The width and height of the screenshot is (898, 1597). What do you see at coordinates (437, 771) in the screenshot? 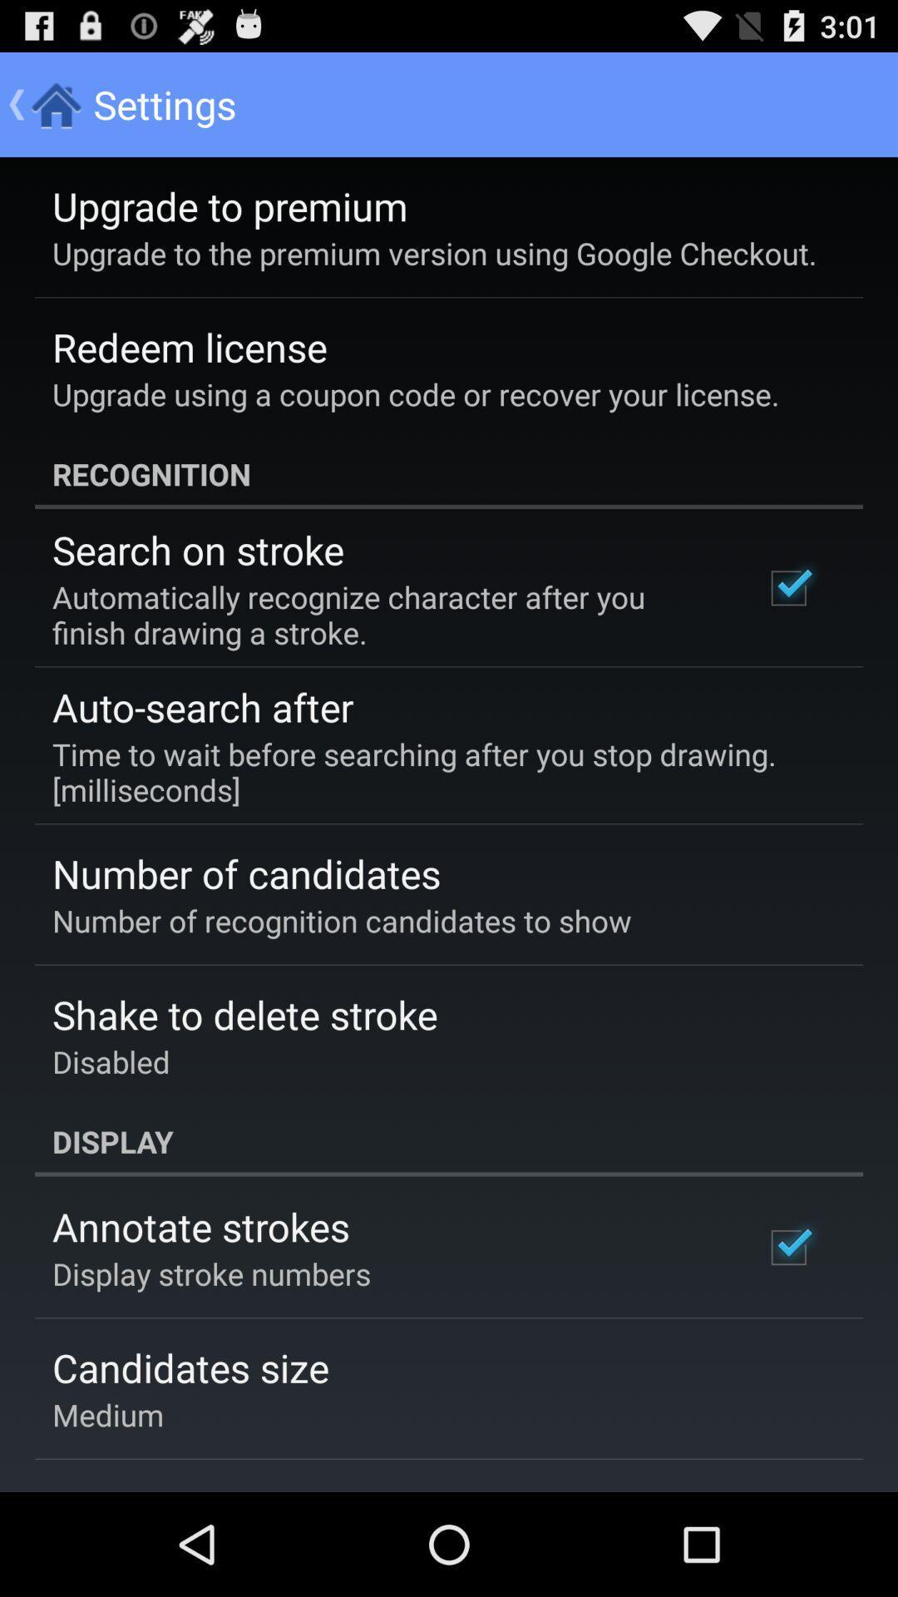
I see `the time to wait icon` at bounding box center [437, 771].